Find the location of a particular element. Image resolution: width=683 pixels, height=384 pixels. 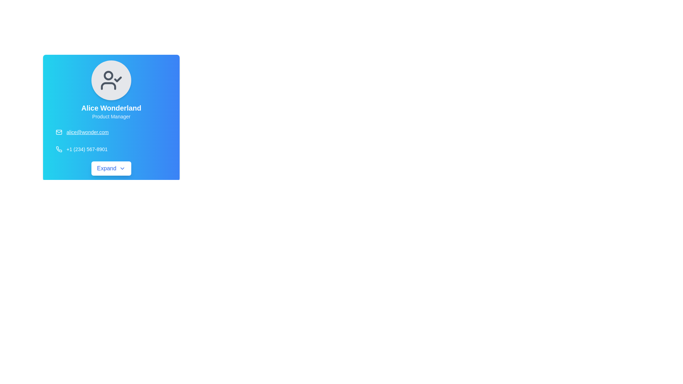

the 'Expand' button, which is styled with a white background and blue rounded text, located at the lower section of the user information card is located at coordinates (111, 169).